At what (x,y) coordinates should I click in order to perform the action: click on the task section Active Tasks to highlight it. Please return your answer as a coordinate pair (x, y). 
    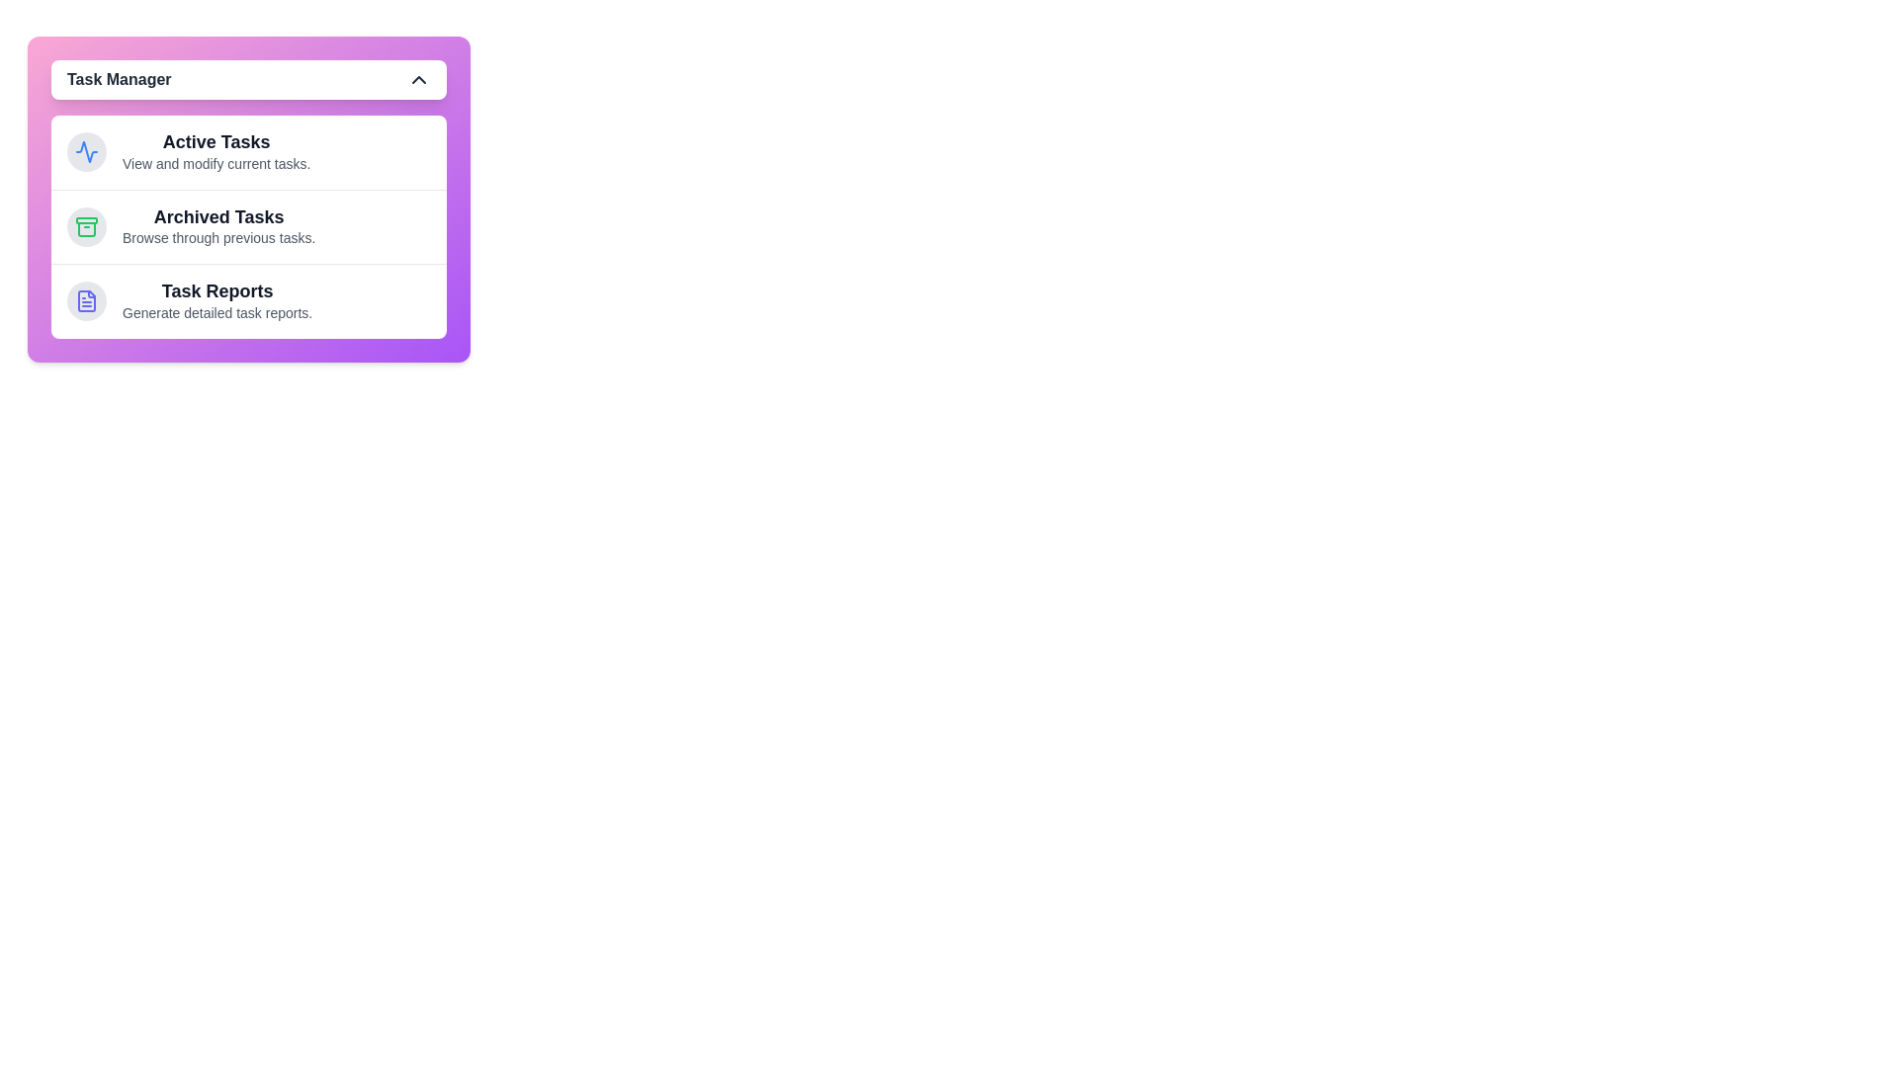
    Looking at the image, I should click on (248, 151).